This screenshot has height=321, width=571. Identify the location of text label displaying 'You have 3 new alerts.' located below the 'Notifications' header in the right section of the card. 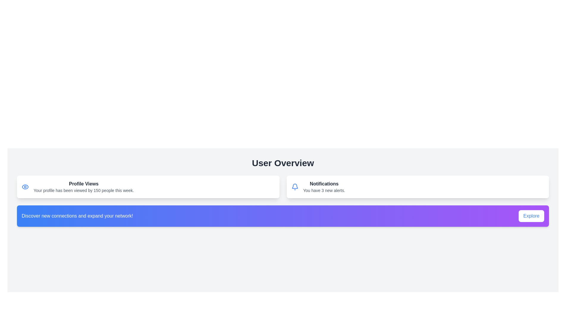
(324, 190).